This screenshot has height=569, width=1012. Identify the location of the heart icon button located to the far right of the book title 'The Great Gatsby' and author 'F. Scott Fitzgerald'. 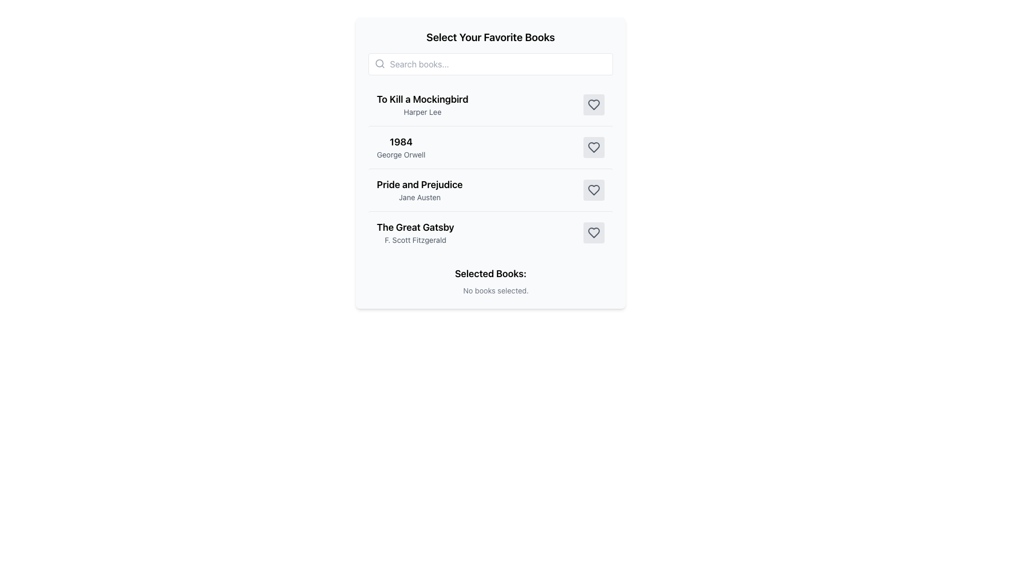
(594, 232).